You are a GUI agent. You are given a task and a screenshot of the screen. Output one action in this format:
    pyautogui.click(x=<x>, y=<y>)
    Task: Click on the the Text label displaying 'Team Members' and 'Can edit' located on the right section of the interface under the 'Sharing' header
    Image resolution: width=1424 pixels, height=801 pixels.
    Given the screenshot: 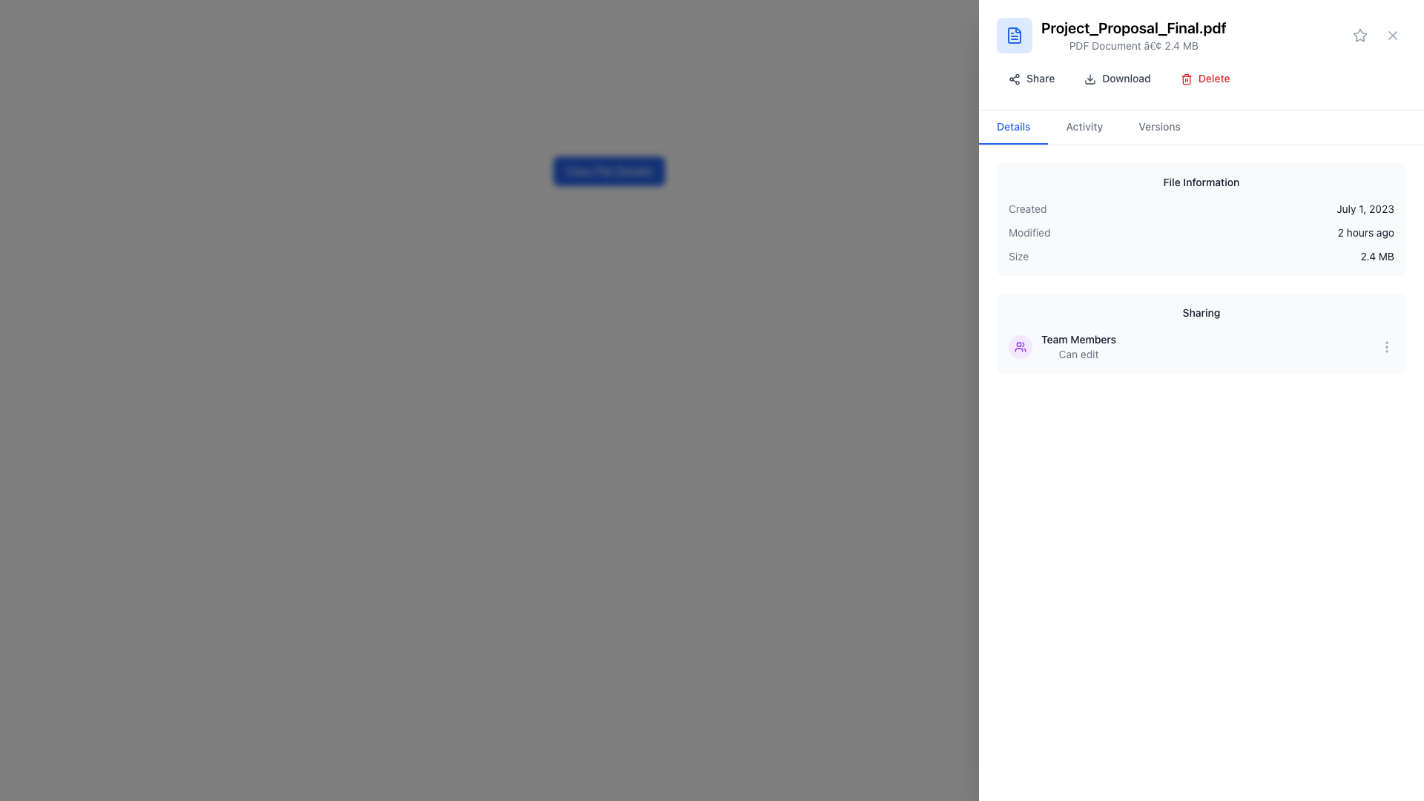 What is the action you would take?
    pyautogui.click(x=1078, y=346)
    